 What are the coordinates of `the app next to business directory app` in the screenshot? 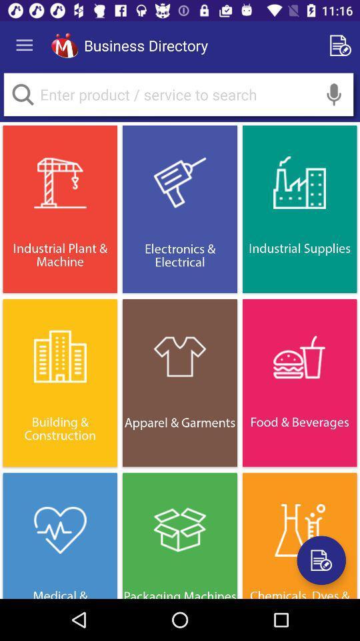 It's located at (64, 45).